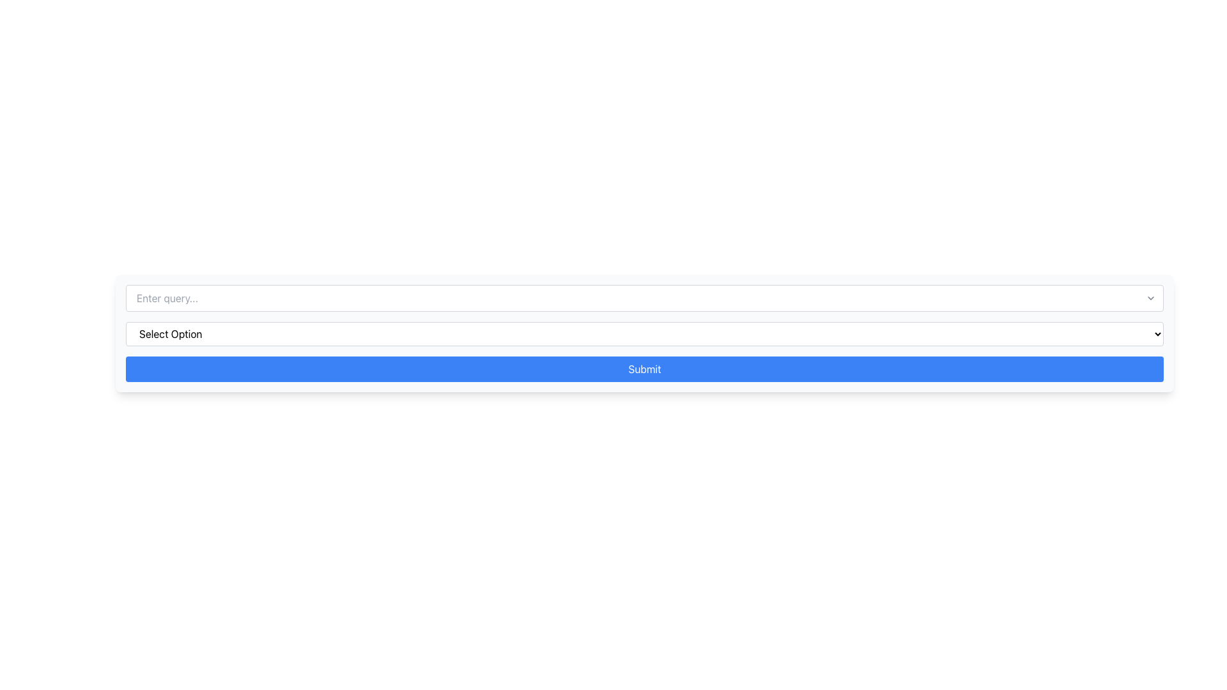 The width and height of the screenshot is (1227, 690). Describe the element at coordinates (1150, 298) in the screenshot. I see `the dropdown indicator icon located at the extreme right of the dropdown menu field` at that location.